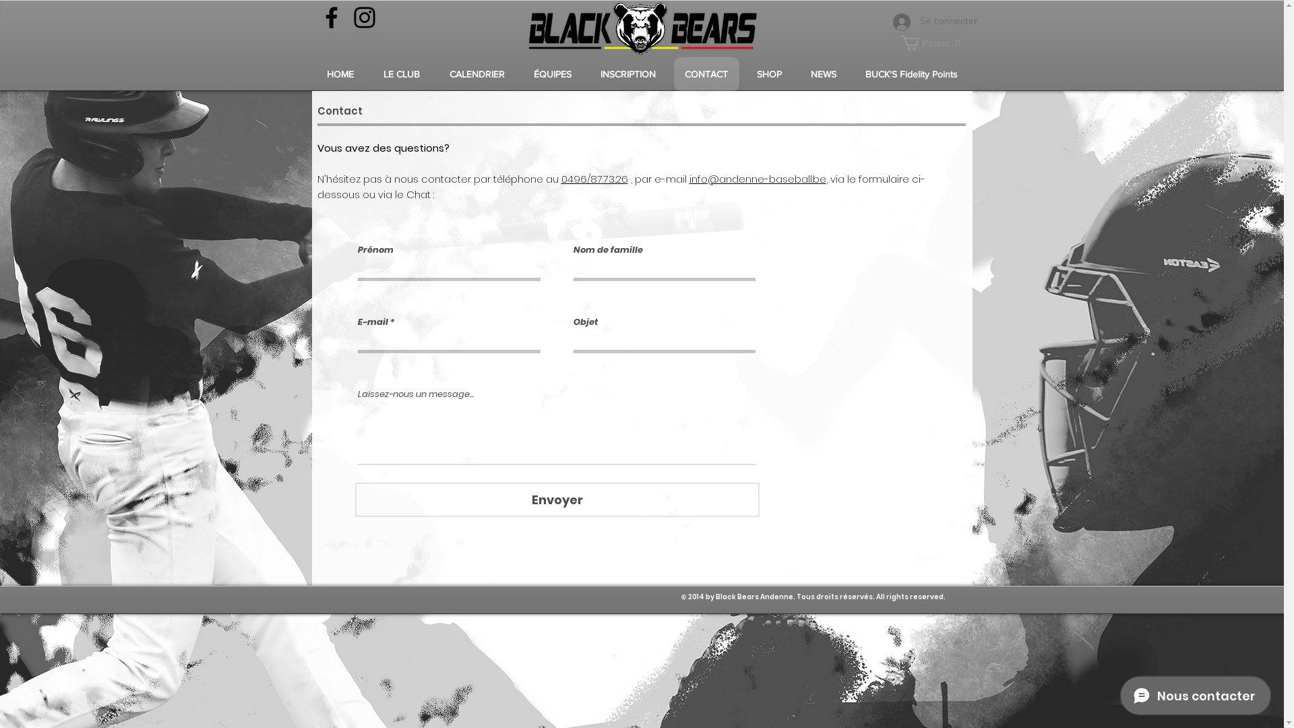 This screenshot has height=728, width=1294. What do you see at coordinates (933, 42) in the screenshot?
I see `'Panier` at bounding box center [933, 42].